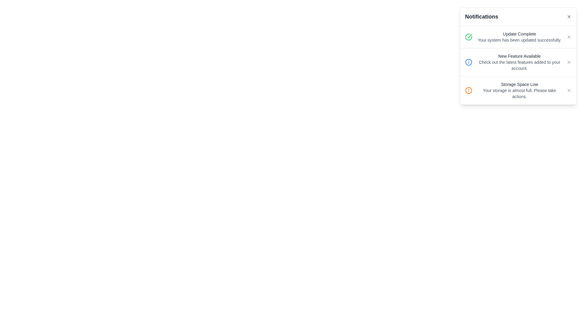 Image resolution: width=584 pixels, height=328 pixels. What do you see at coordinates (569, 16) in the screenshot?
I see `the close button in the top-right corner of the Notifications header section to change its color to red` at bounding box center [569, 16].